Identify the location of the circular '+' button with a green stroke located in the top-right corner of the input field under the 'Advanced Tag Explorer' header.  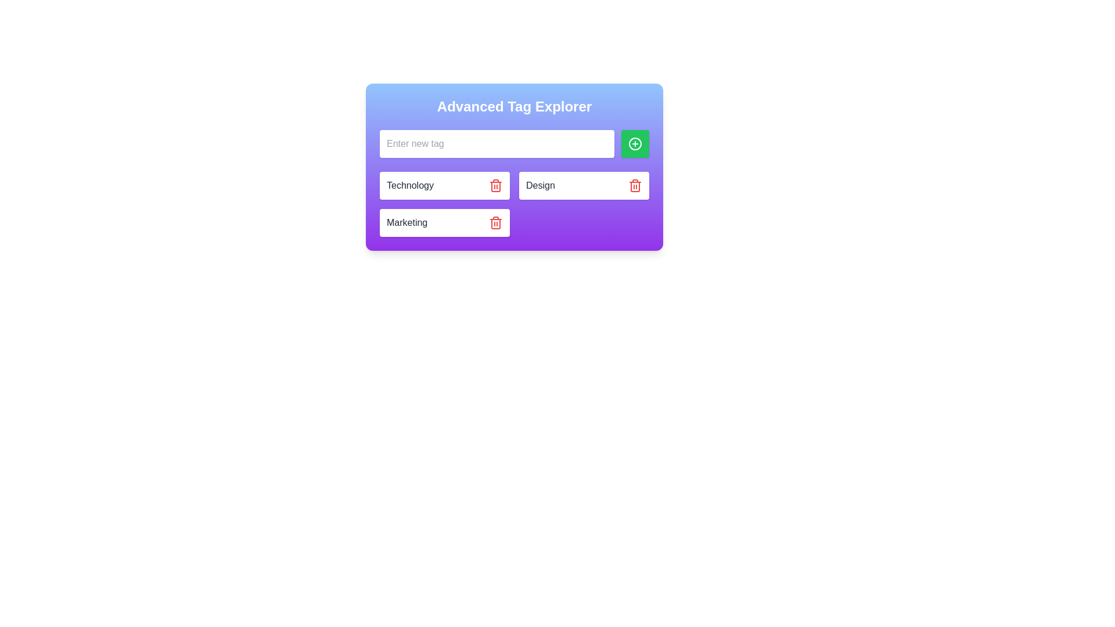
(635, 143).